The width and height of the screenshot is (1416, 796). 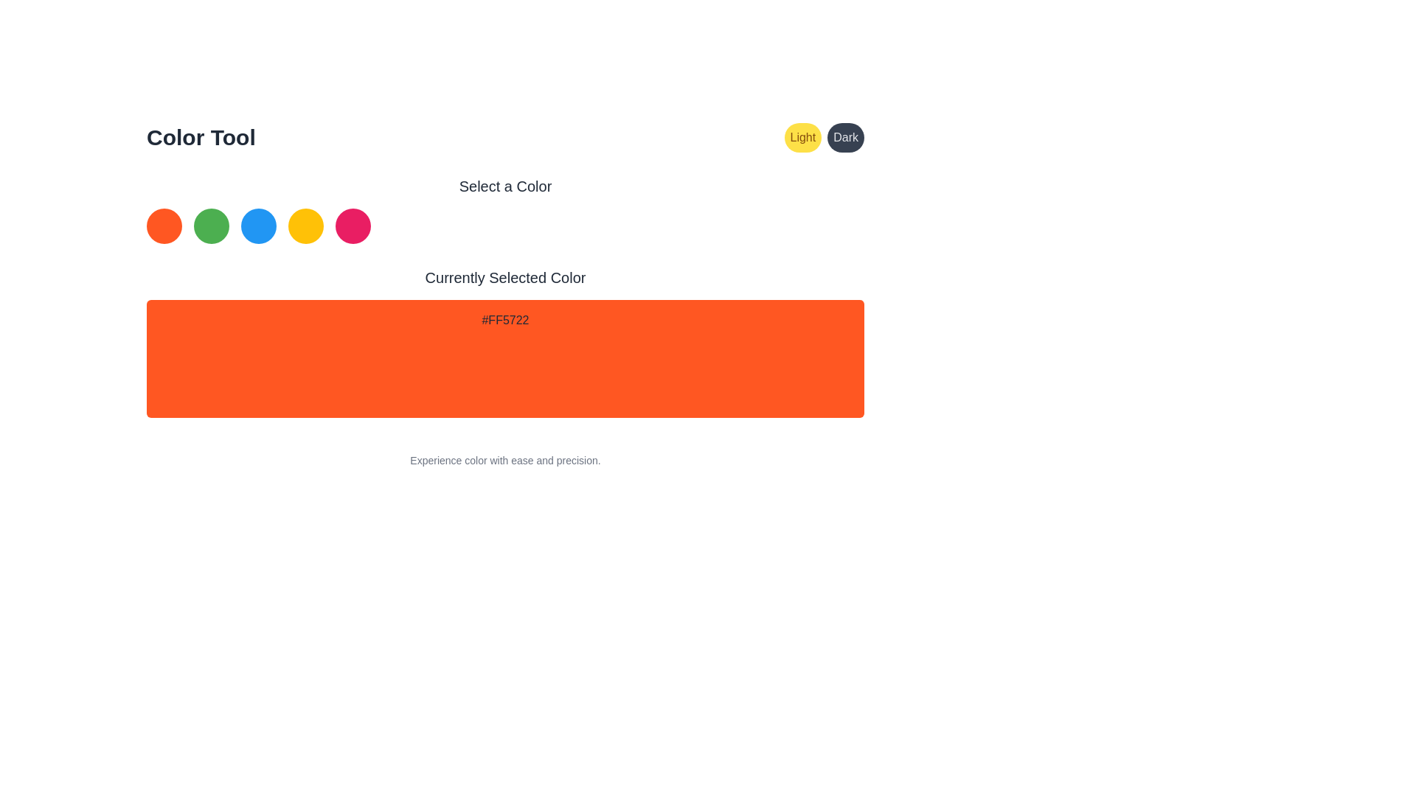 What do you see at coordinates (353, 226) in the screenshot?
I see `the vibrant magenta circular button, which is the fifth button in a horizontal row of five` at bounding box center [353, 226].